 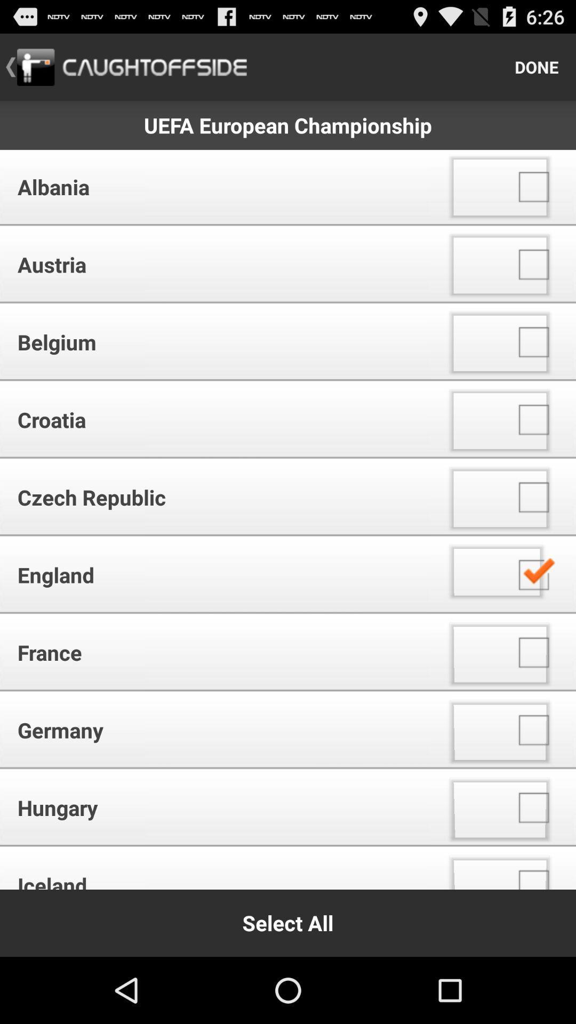 I want to click on the item above select all, so click(x=218, y=870).